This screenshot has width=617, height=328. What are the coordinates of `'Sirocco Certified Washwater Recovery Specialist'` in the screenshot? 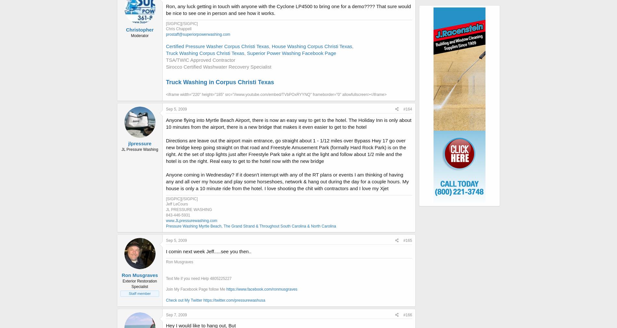 It's located at (218, 66).